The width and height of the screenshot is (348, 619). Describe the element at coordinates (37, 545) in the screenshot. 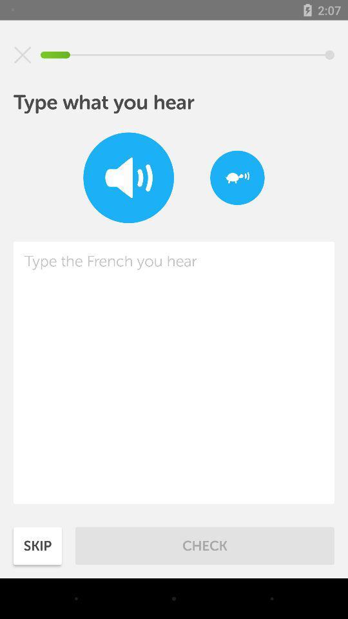

I see `icon to the left of check` at that location.